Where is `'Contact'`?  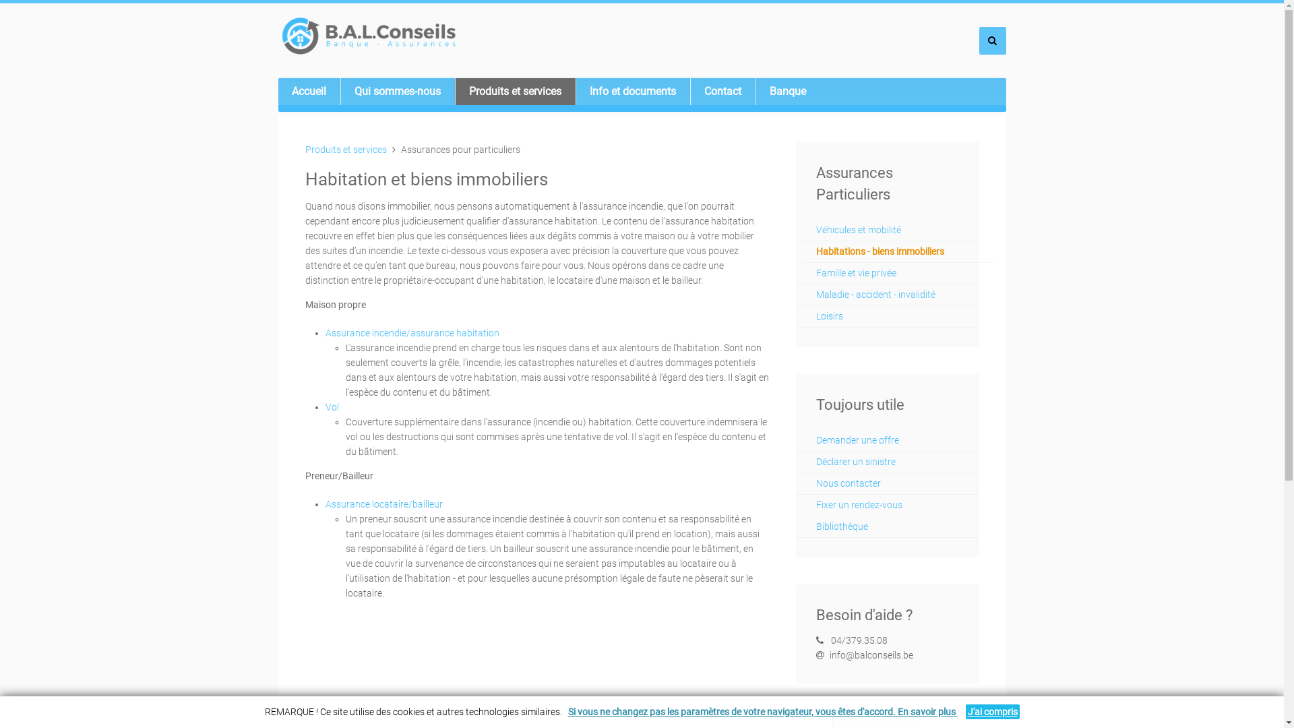 'Contact' is located at coordinates (722, 91).